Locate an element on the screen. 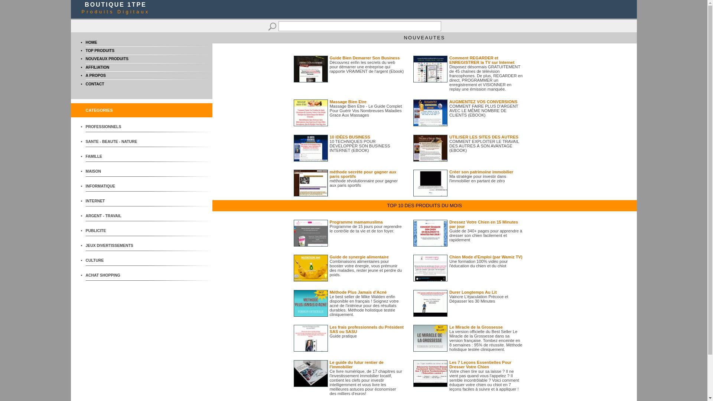  'Chien Mode d'Emploi (par Wamiz TV)' is located at coordinates (449, 256).